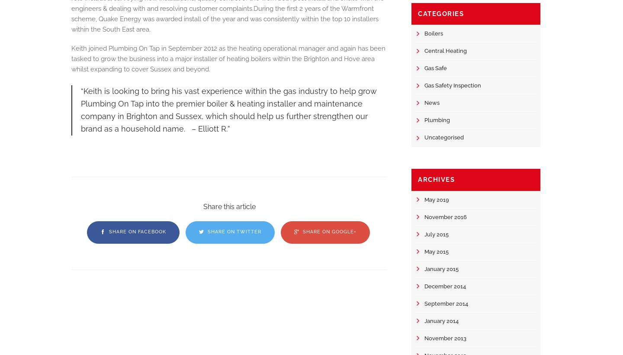 The image size is (623, 355). I want to click on 'Keith is looking to bring his vast experience within the gas industry to help grow Plumbing On Tap into the premier boiler & heating installer and maintenance company in Brighton and Sussex, which should help us further strengthen our brand as a household name.   – Elliott R.', so click(228, 109).